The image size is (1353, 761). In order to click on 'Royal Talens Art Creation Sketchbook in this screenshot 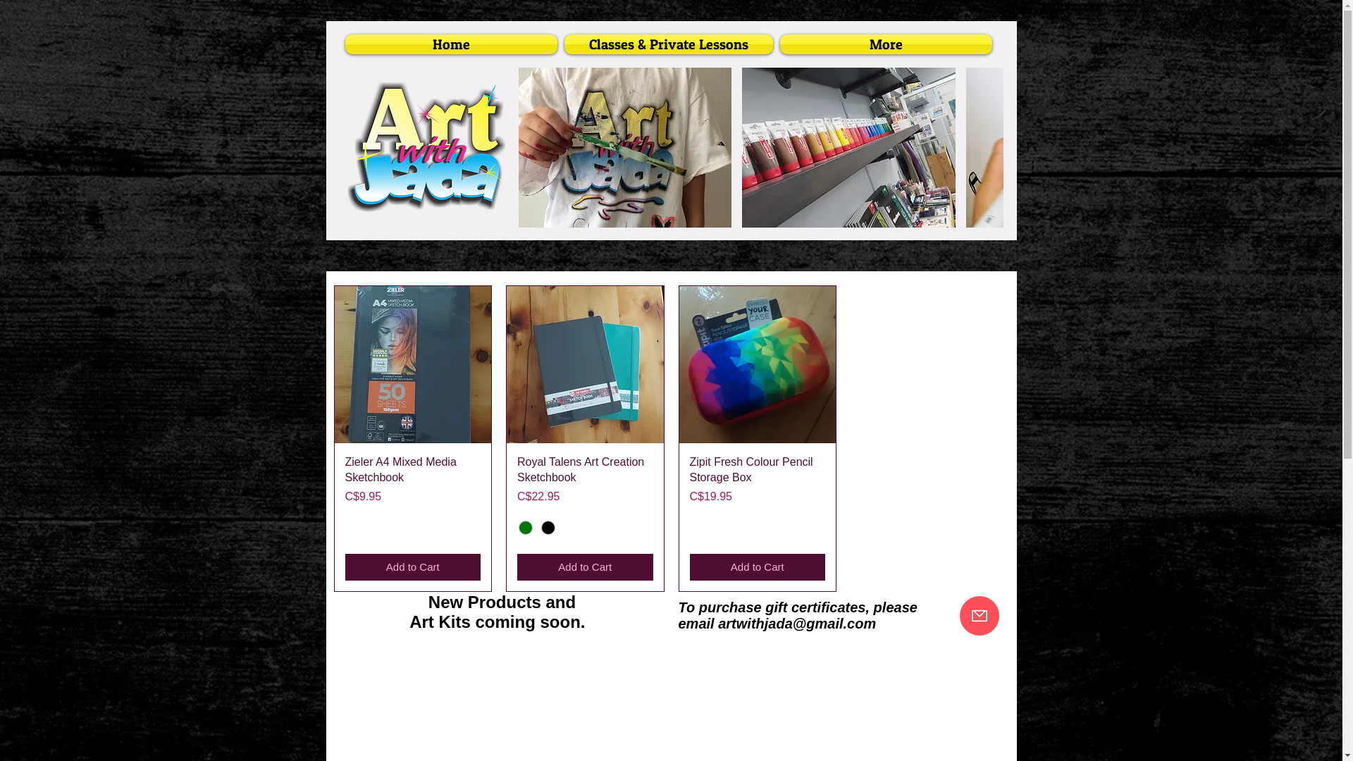, I will do `click(585, 478)`.